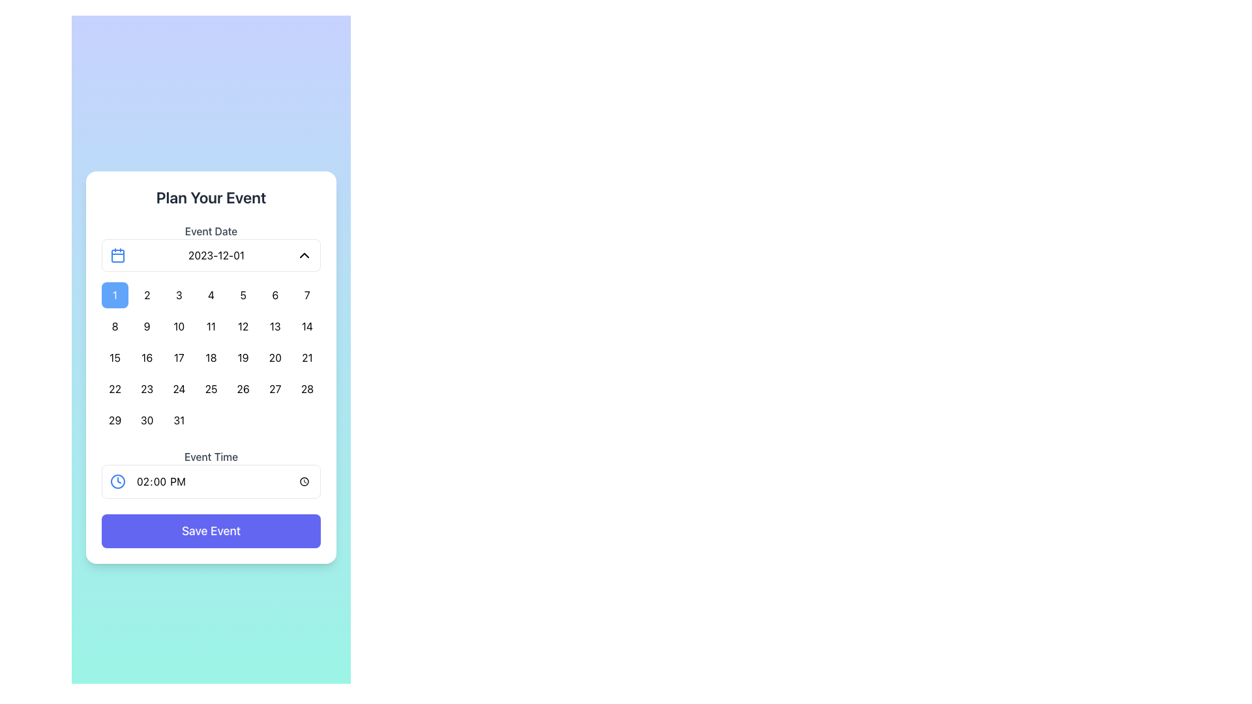  Describe the element at coordinates (178, 389) in the screenshot. I see `the selectable day button for the 24th date in the calendar interface located in the 22nd row and 3rd column` at that location.